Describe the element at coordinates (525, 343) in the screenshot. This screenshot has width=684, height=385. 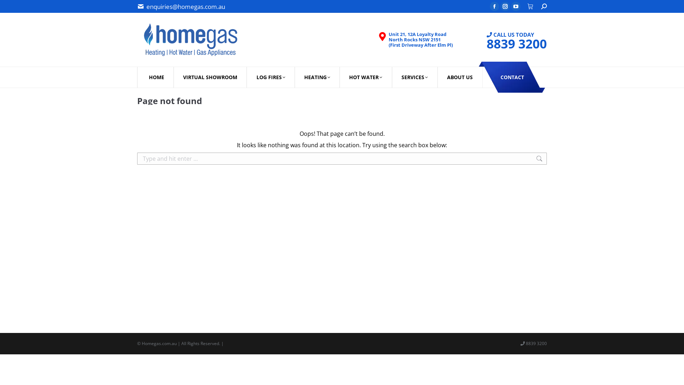
I see `'8839 3200'` at that location.